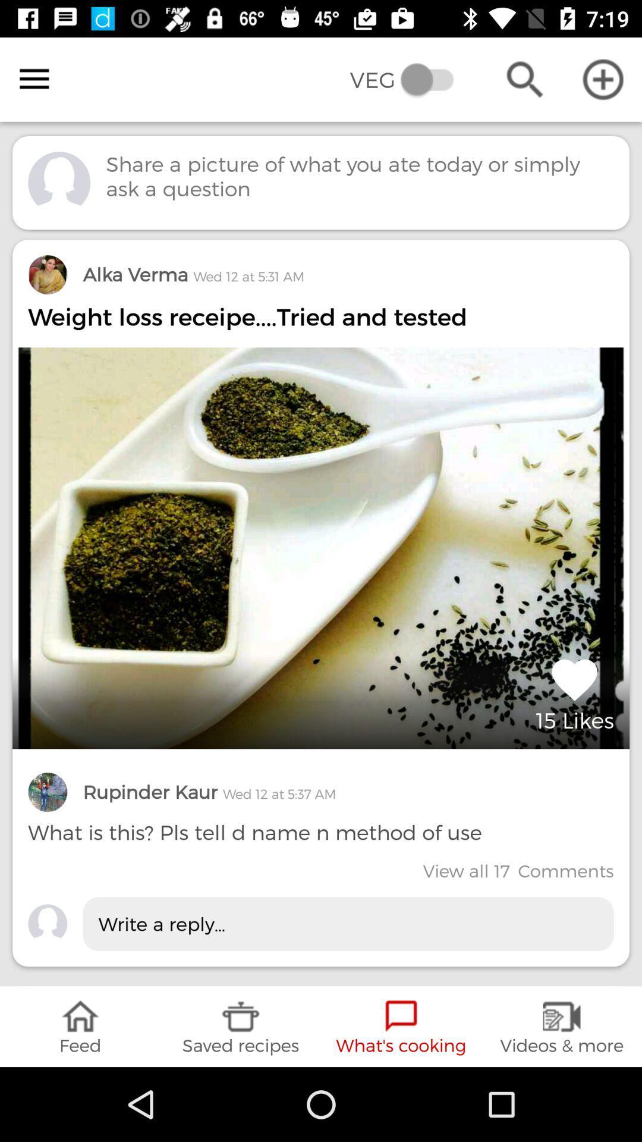 Image resolution: width=642 pixels, height=1142 pixels. Describe the element at coordinates (193, 274) in the screenshot. I see `item below the share a picture icon` at that location.